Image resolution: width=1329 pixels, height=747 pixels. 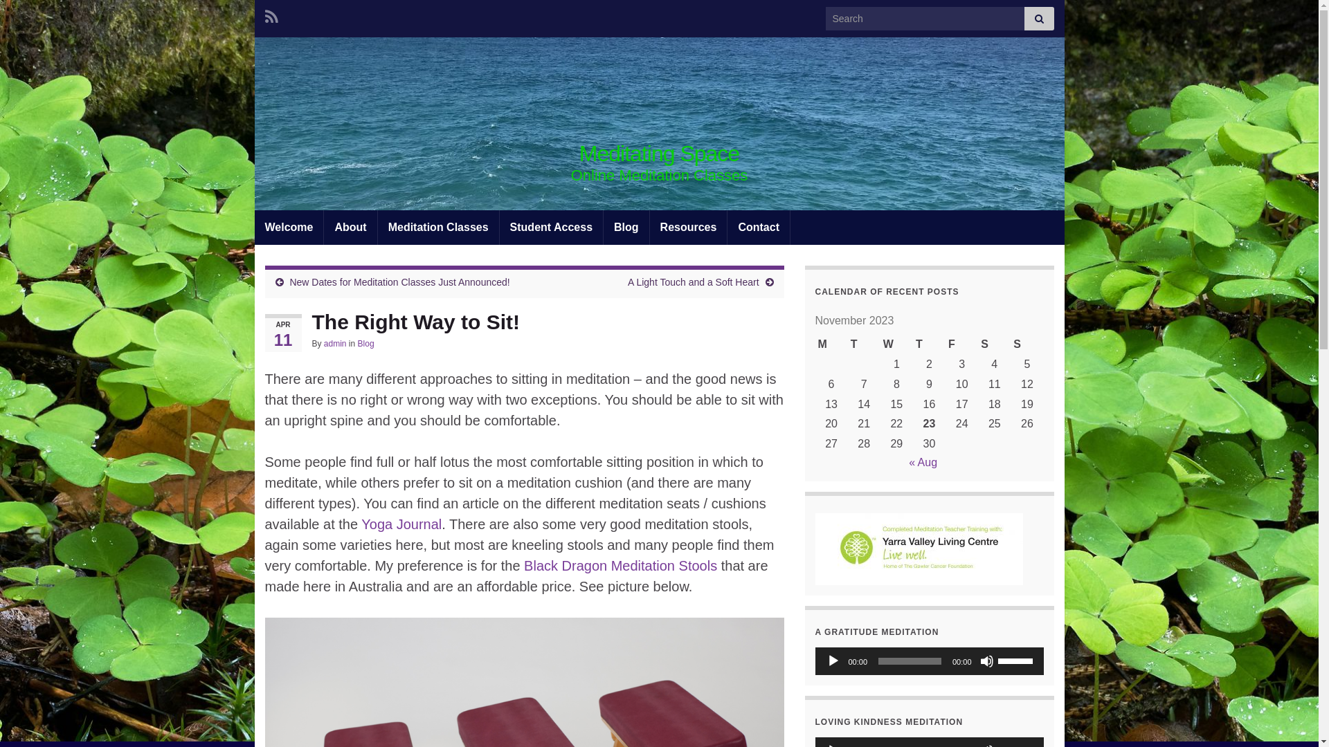 What do you see at coordinates (350, 226) in the screenshot?
I see `'About'` at bounding box center [350, 226].